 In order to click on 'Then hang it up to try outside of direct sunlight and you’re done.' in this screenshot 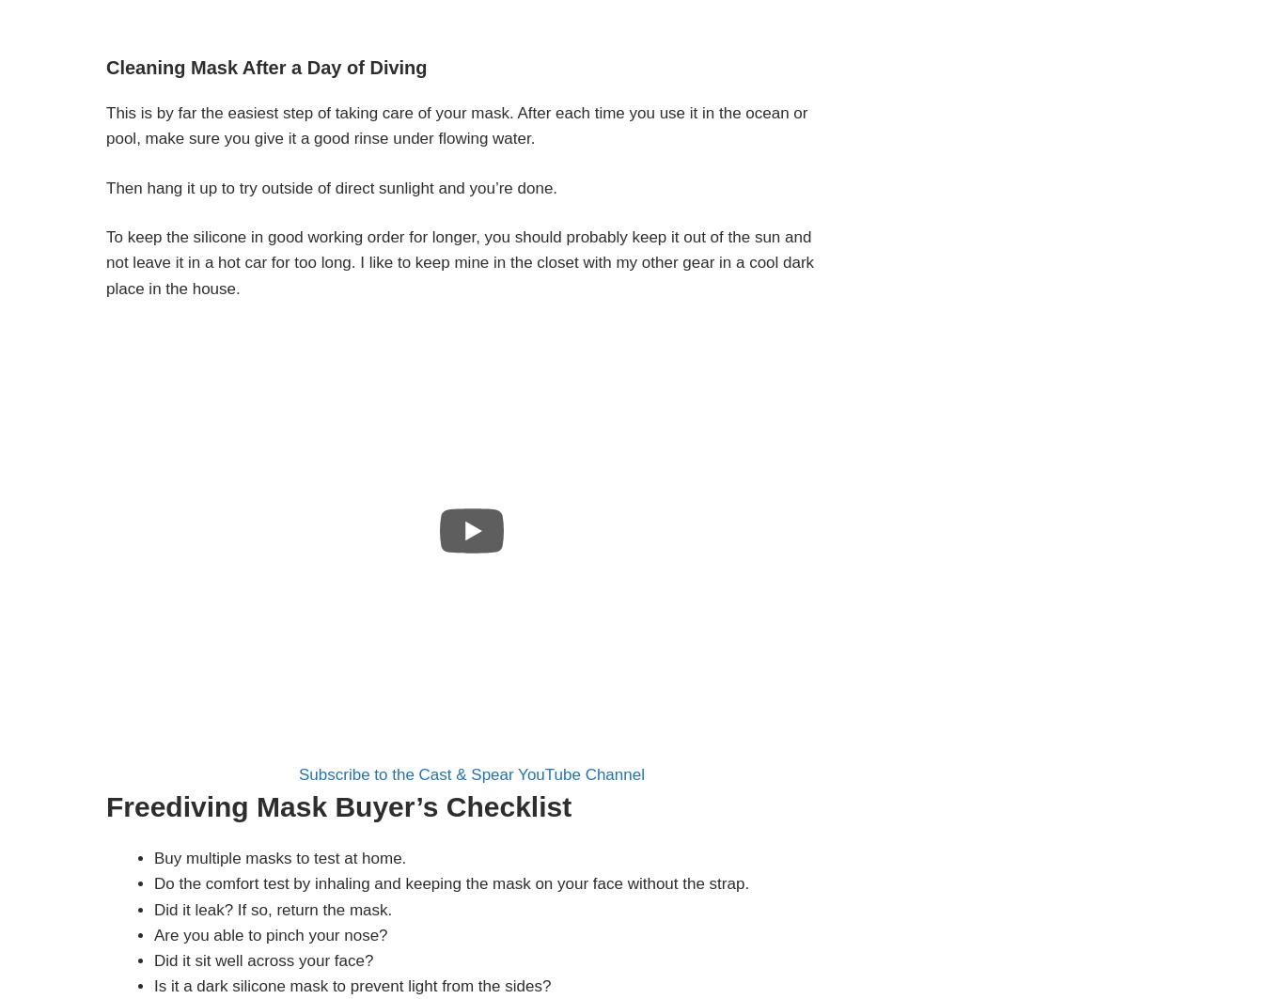, I will do `click(330, 187)`.